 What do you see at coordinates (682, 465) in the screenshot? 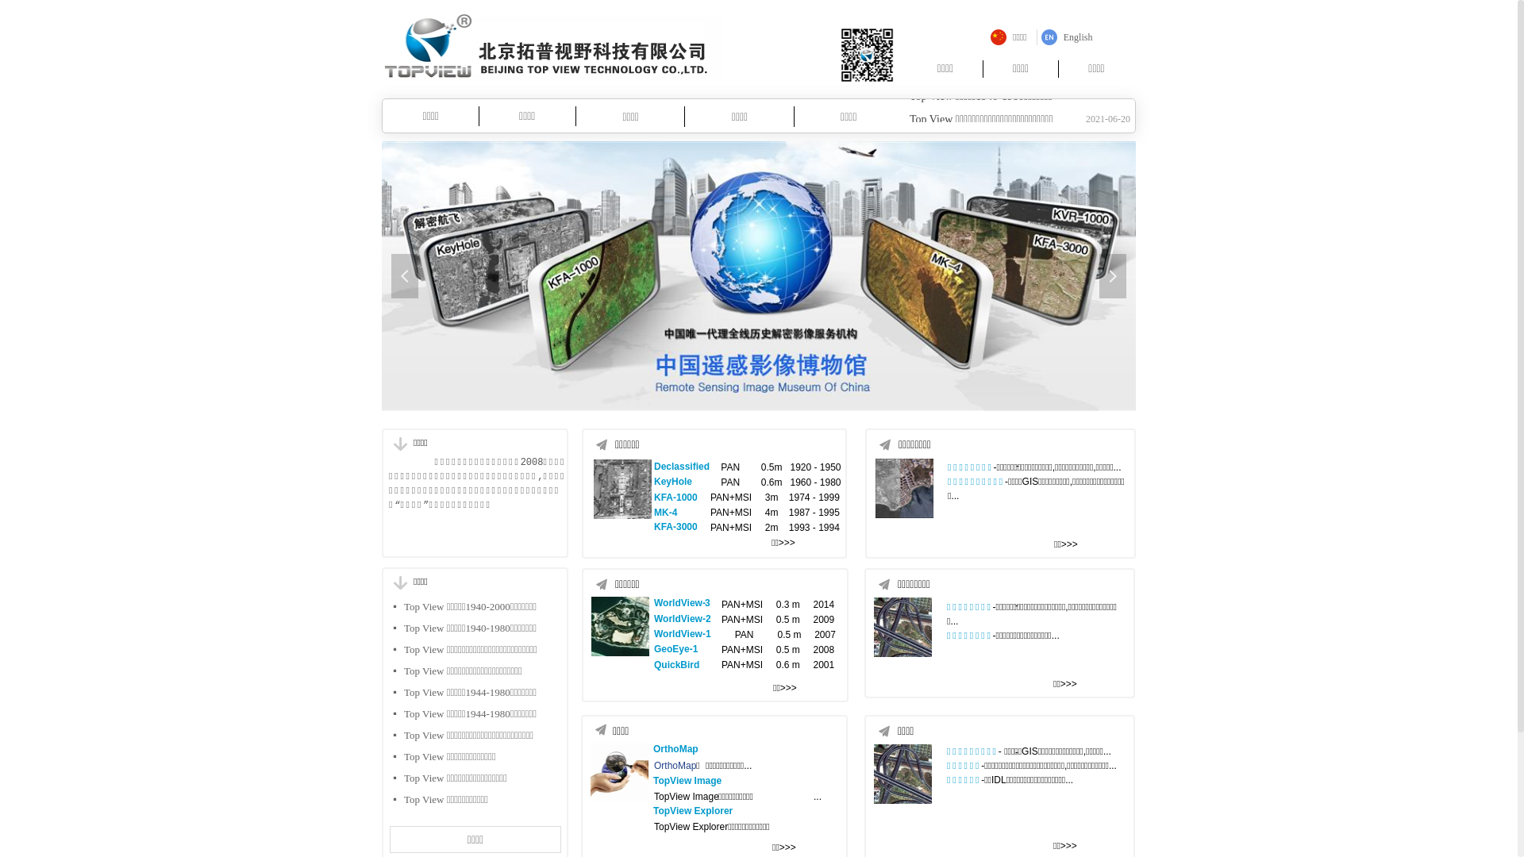
I see `'Declassified'` at bounding box center [682, 465].